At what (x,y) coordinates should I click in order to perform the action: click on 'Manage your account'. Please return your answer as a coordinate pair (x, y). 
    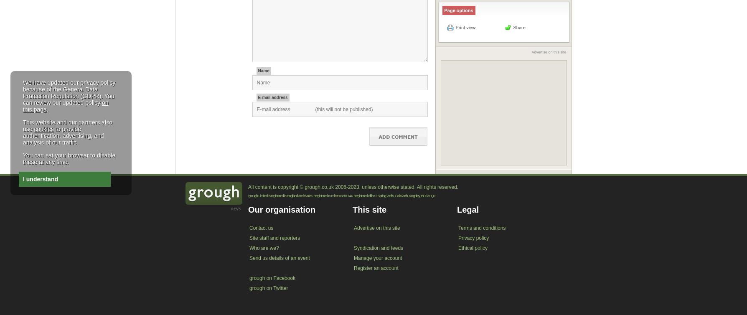
    Looking at the image, I should click on (378, 257).